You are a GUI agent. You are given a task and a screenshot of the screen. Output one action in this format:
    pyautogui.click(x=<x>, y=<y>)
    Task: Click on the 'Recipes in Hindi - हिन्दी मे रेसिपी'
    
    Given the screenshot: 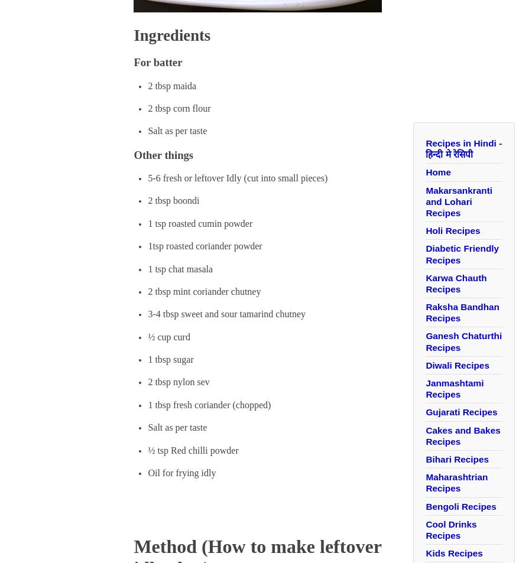 What is the action you would take?
    pyautogui.click(x=463, y=148)
    